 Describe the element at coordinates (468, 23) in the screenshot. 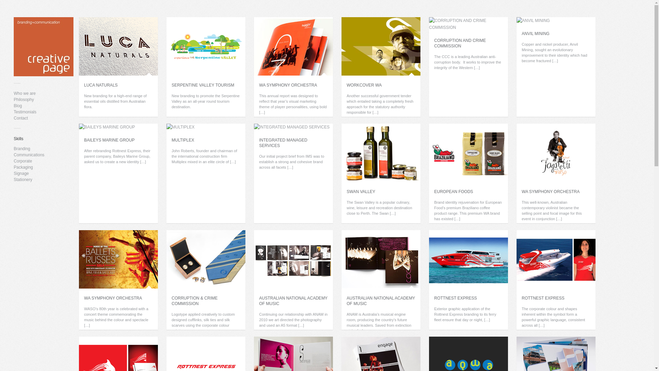

I see `'CORRUPTION AND CRIME COMMISSION'` at that location.